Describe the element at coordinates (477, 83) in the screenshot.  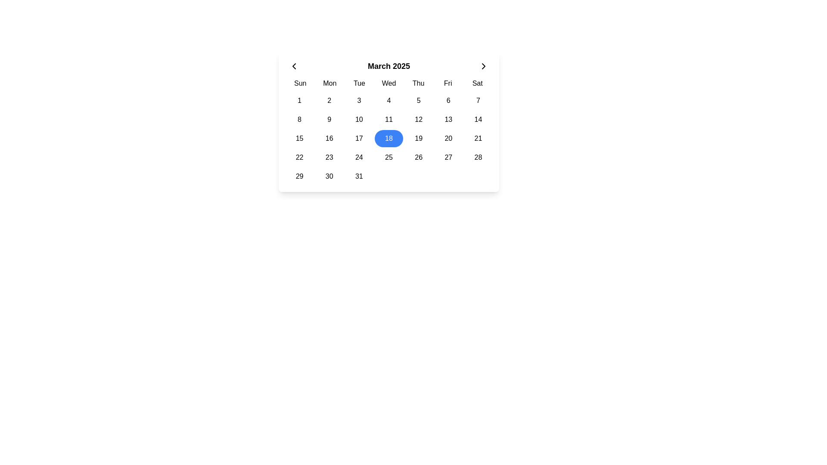
I see `the text label indicating 'Saturday' in the top right corner of the weekly calendar layout` at that location.